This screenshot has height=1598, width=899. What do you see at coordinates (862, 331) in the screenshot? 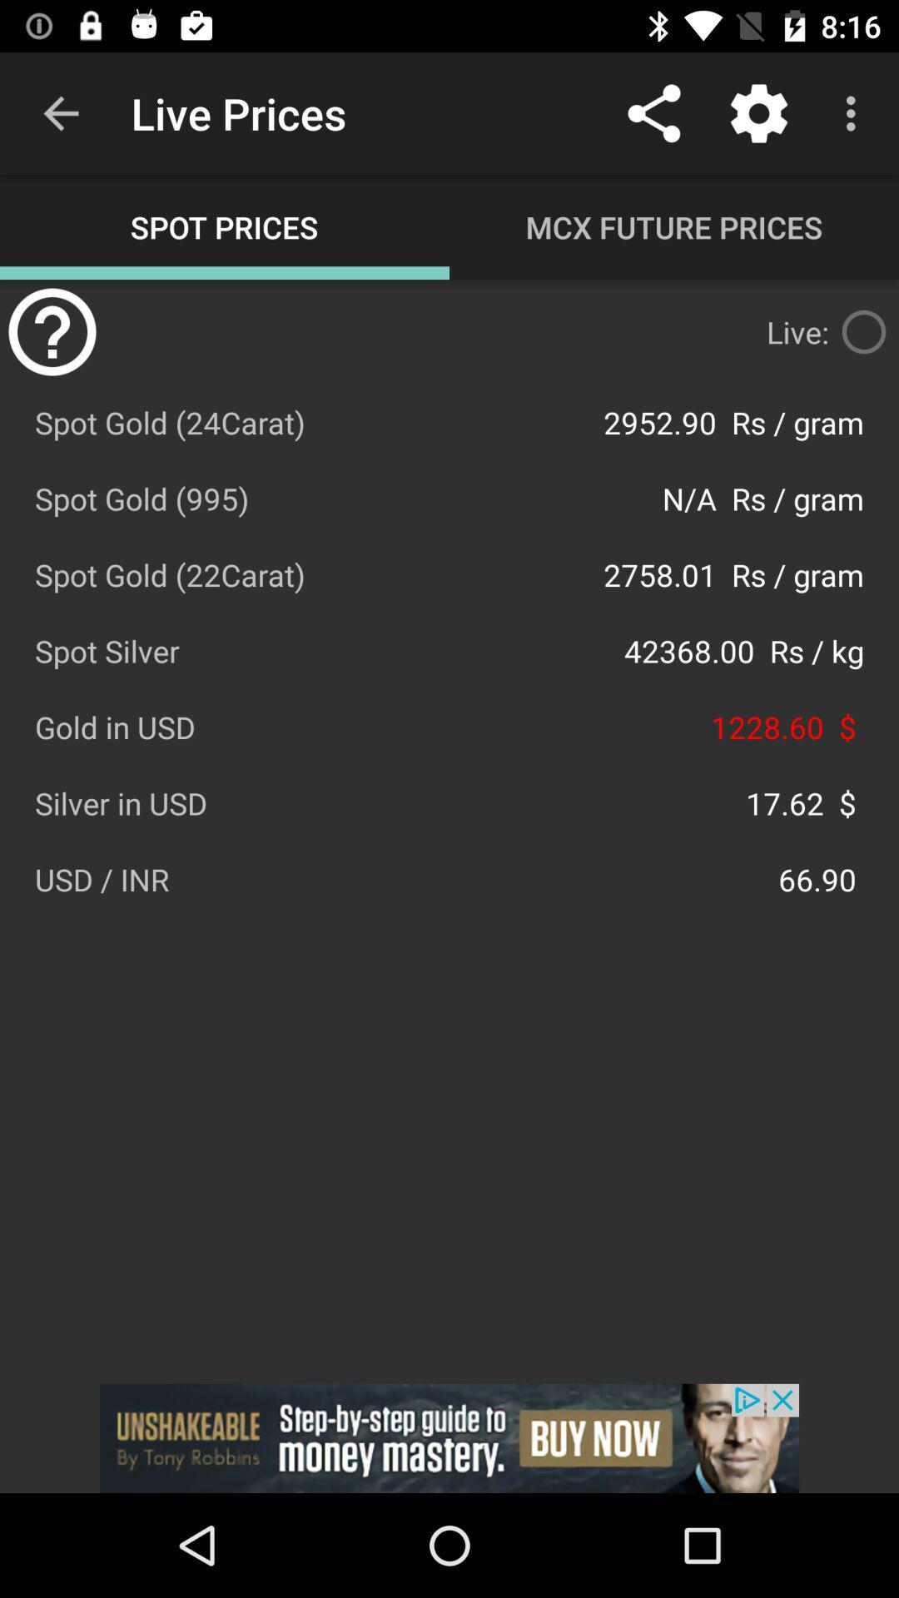
I see `type the message` at bounding box center [862, 331].